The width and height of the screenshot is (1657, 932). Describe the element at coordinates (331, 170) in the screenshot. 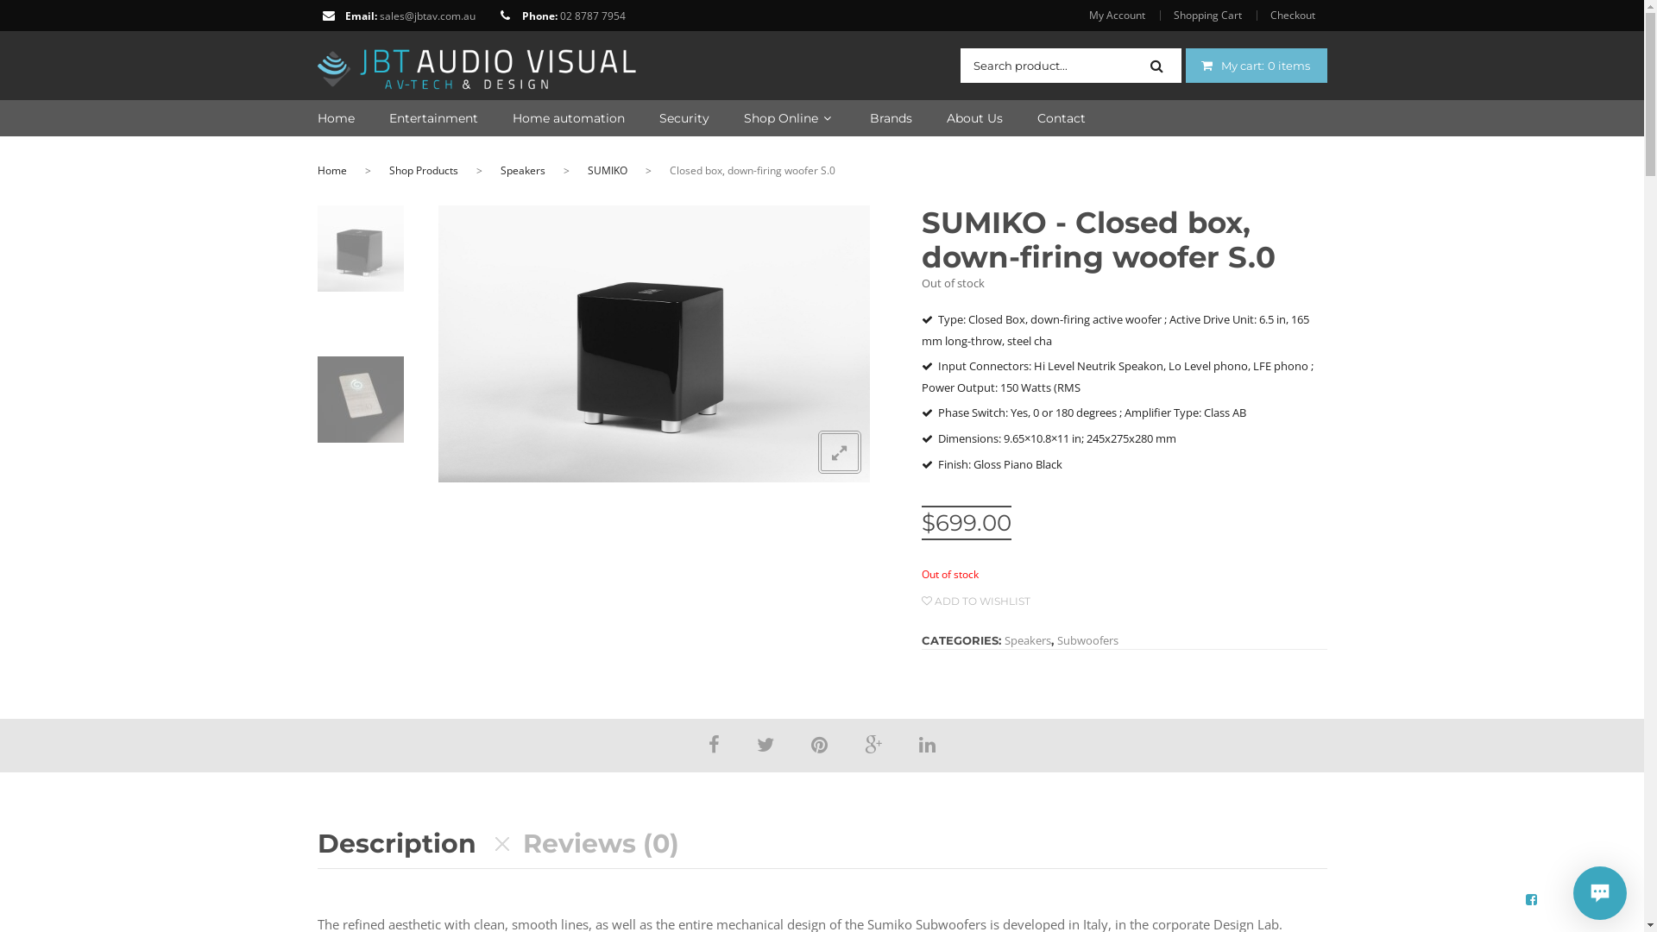

I see `'Home'` at that location.